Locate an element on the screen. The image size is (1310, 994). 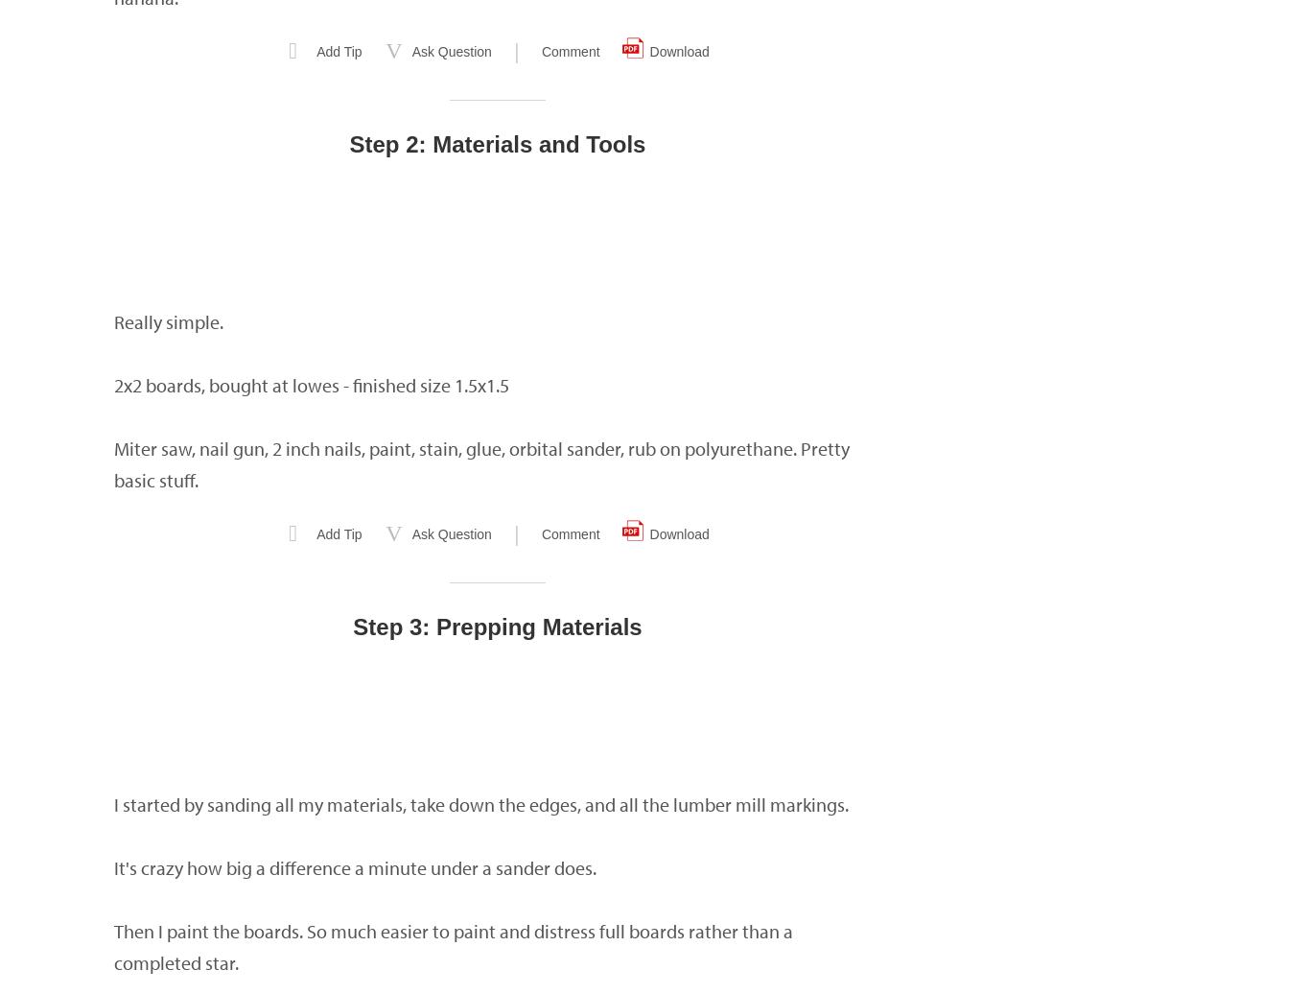
'I started by sanding all my materials, take down the edges, and all the lumber mill markings.' is located at coordinates (481, 804).